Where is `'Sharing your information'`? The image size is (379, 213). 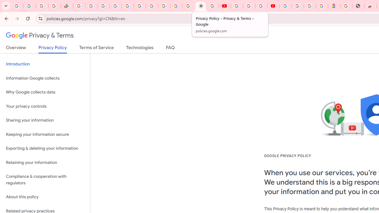 'Sharing your information' is located at coordinates (45, 120).